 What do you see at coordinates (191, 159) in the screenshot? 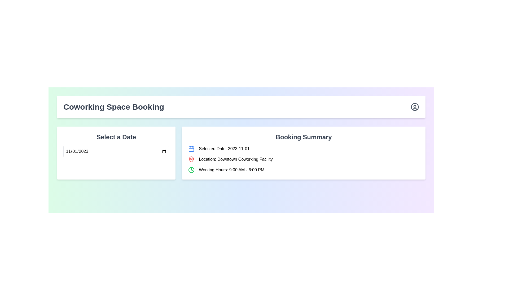
I see `the icon indicating the location of the coworking facility, which is positioned directly before the text 'Location: Downtown Coworking Facility' in the middle-right portion of the interface` at bounding box center [191, 159].